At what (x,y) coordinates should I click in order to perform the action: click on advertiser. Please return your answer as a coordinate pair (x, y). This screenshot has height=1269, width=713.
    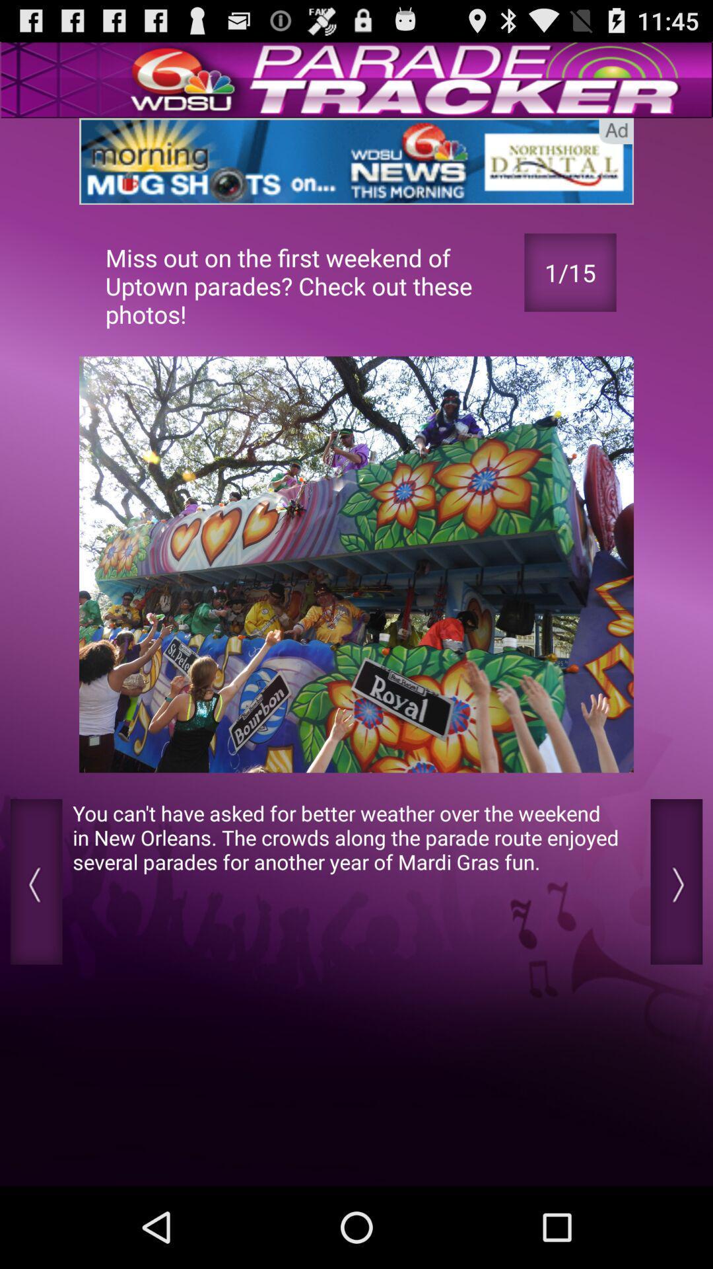
    Looking at the image, I should click on (356, 161).